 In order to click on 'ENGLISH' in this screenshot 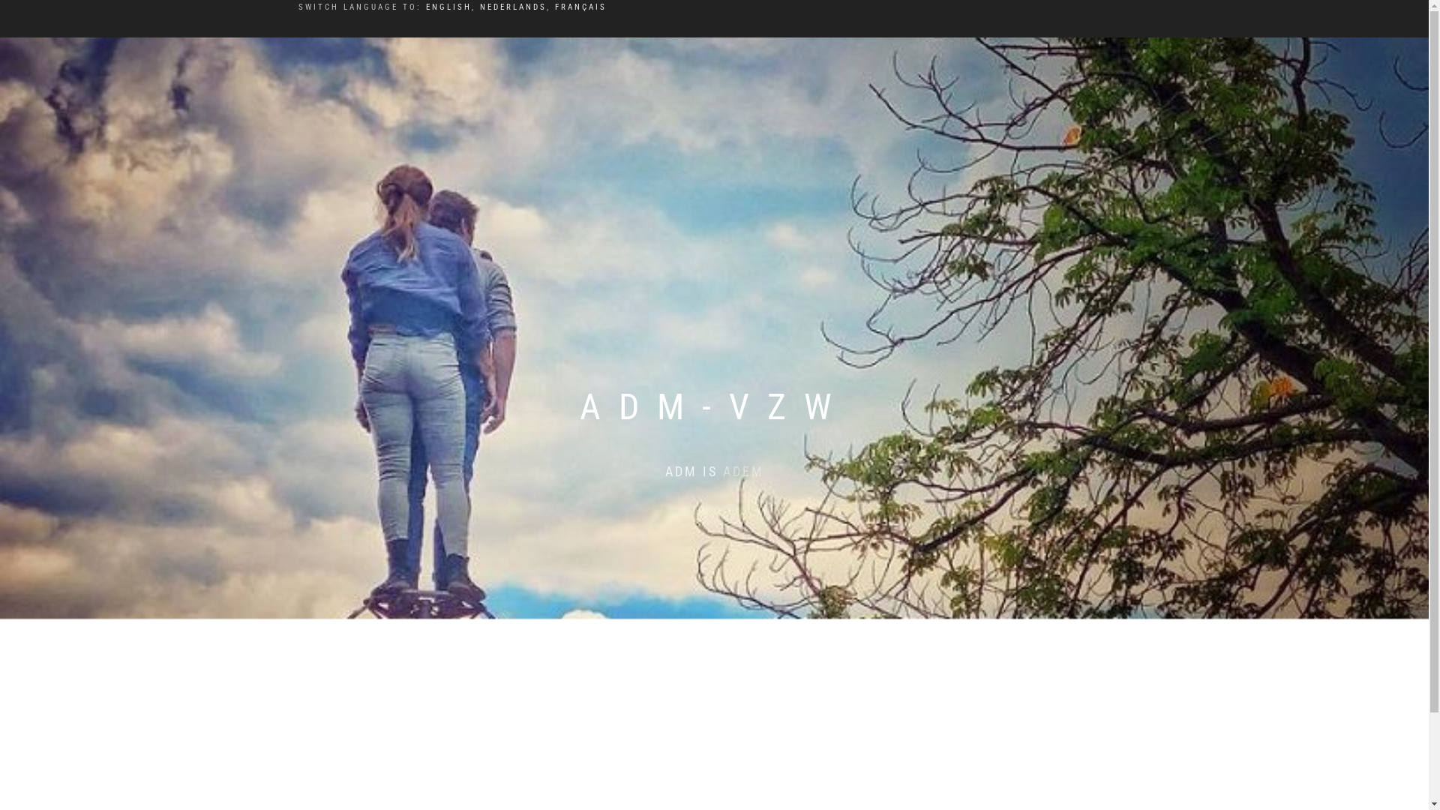, I will do `click(448, 7)`.